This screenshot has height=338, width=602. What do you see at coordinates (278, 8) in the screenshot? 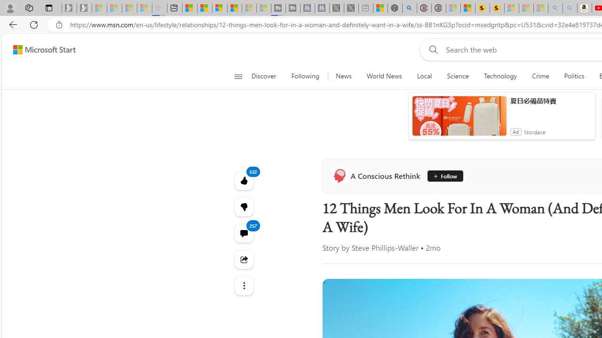
I see `'Streaming Coverage | T3 - Sleeping'` at bounding box center [278, 8].